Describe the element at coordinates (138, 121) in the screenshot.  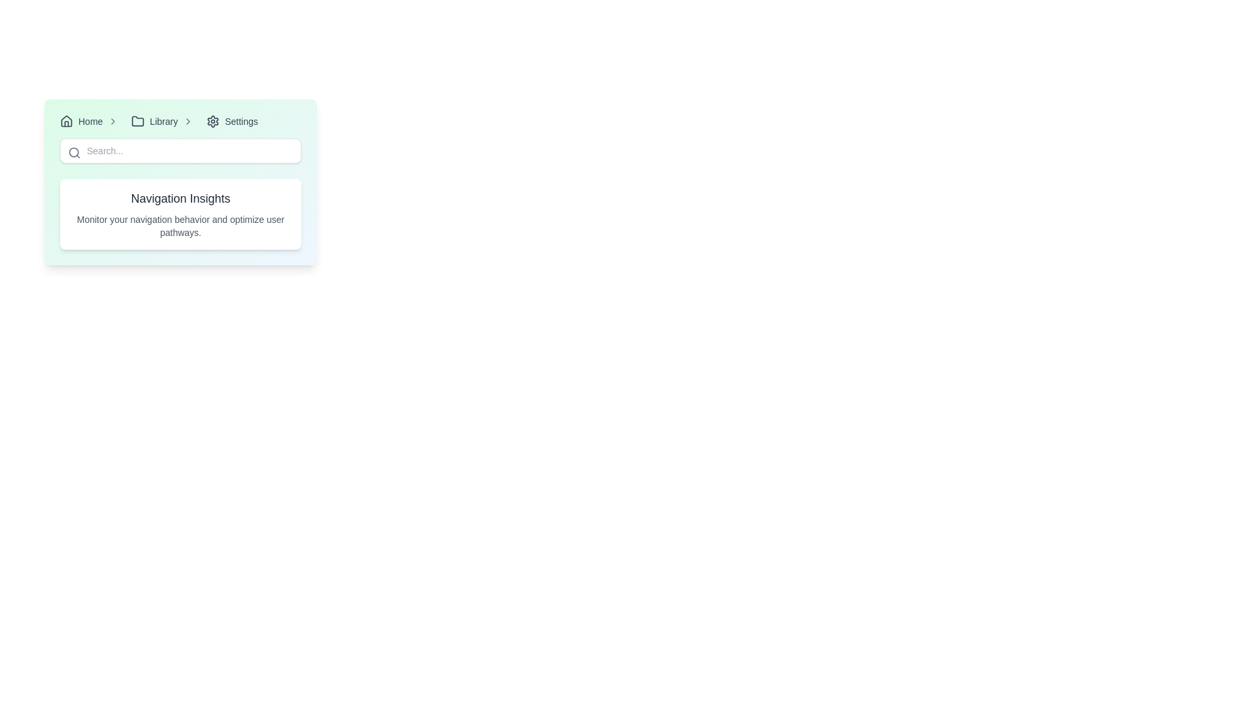
I see `the folder icon in the breadcrumb navigation bar that represents 'Library'` at that location.